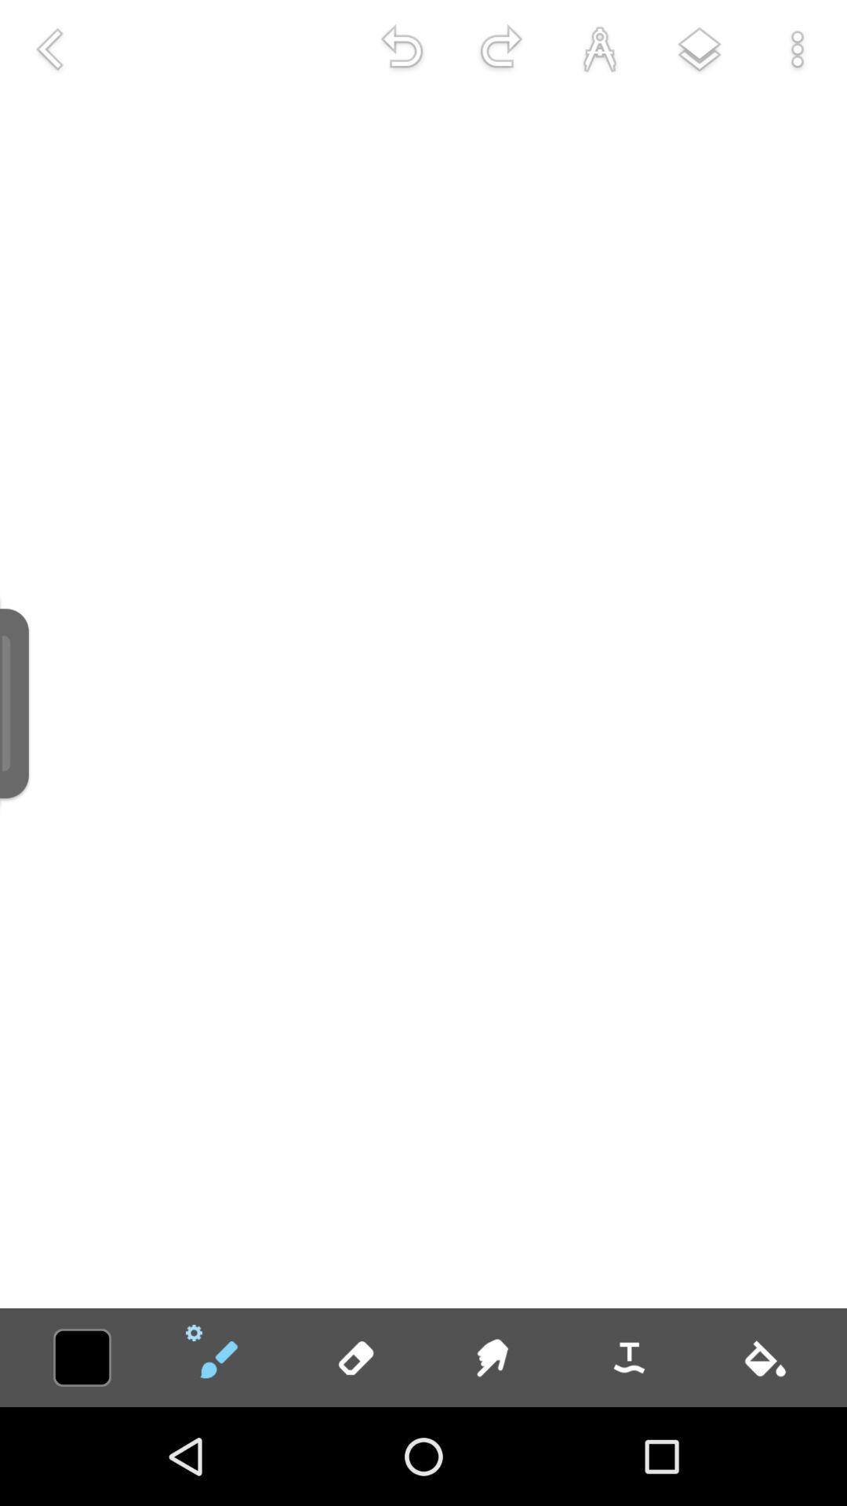  What do you see at coordinates (402, 49) in the screenshot?
I see `the undo icon` at bounding box center [402, 49].